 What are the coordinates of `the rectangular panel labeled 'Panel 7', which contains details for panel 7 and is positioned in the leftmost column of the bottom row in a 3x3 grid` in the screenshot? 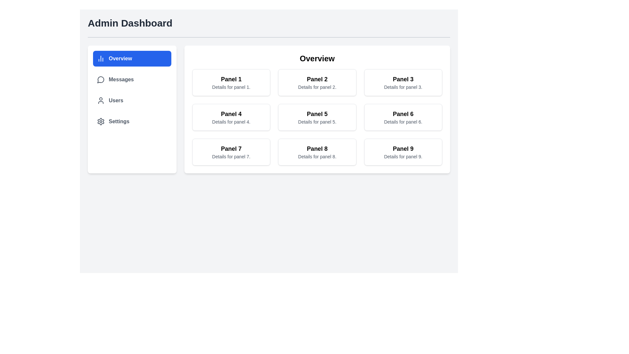 It's located at (231, 152).